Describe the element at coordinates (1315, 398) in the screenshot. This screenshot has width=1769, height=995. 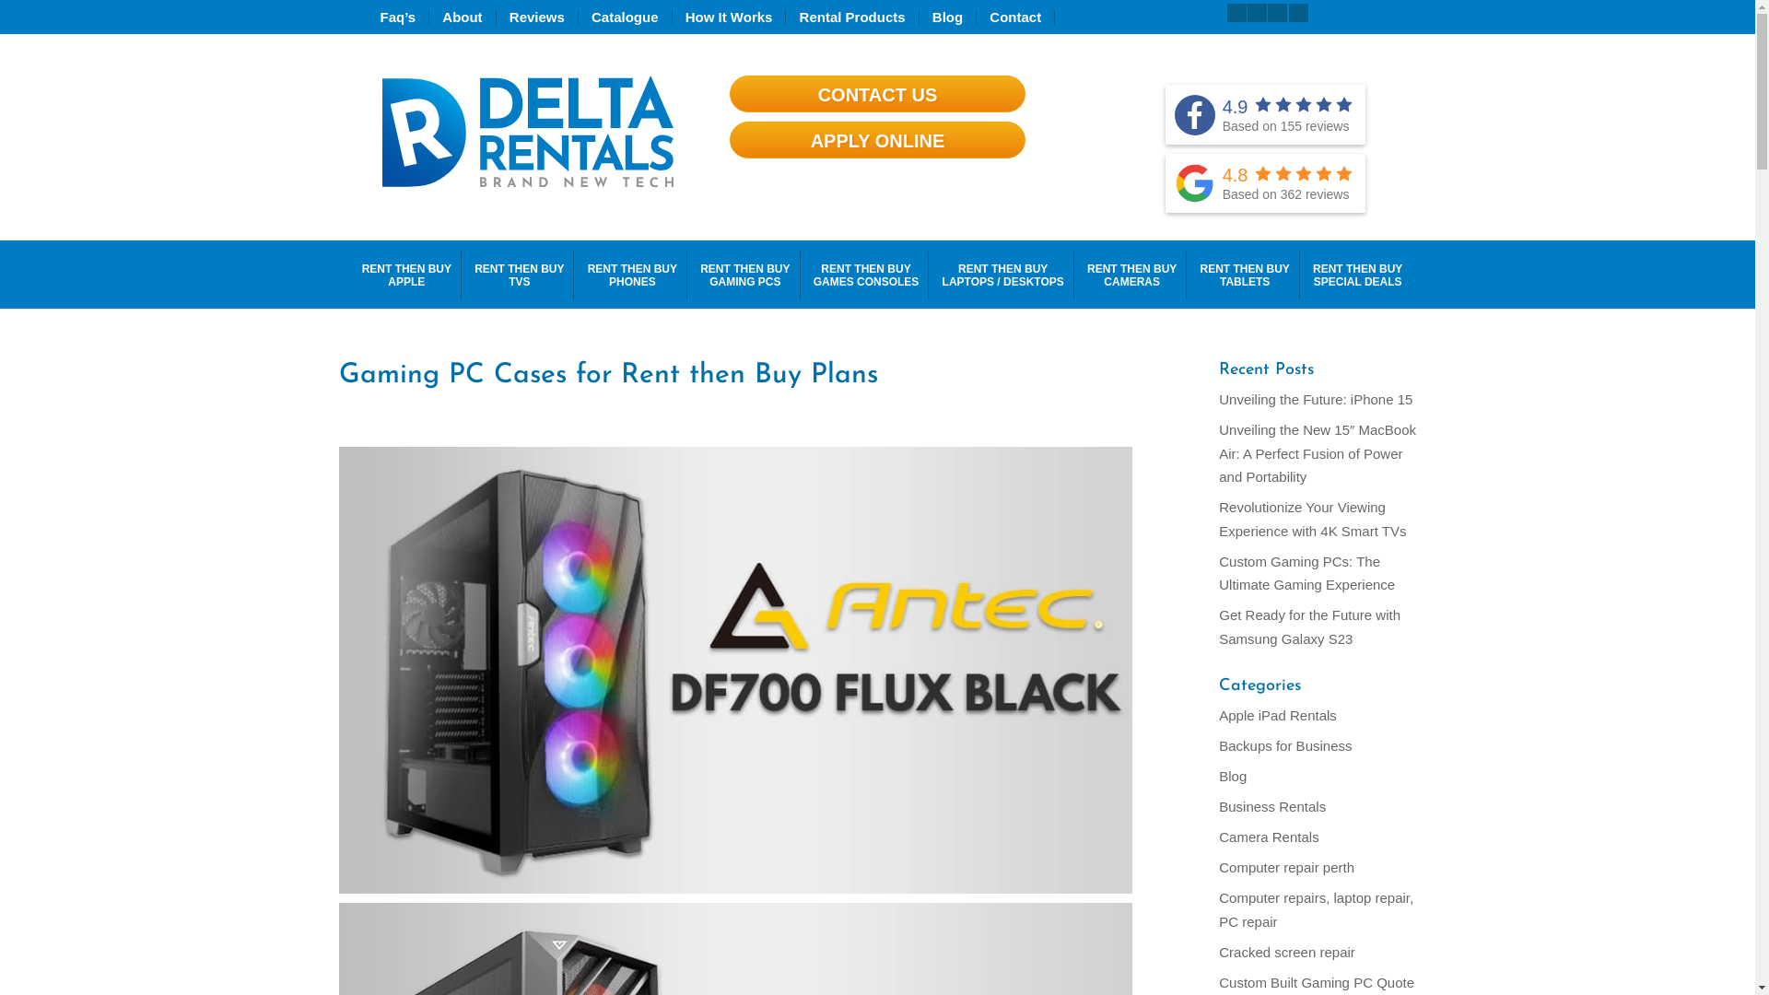
I see `'Unveiling the Future: iPhone 15'` at that location.